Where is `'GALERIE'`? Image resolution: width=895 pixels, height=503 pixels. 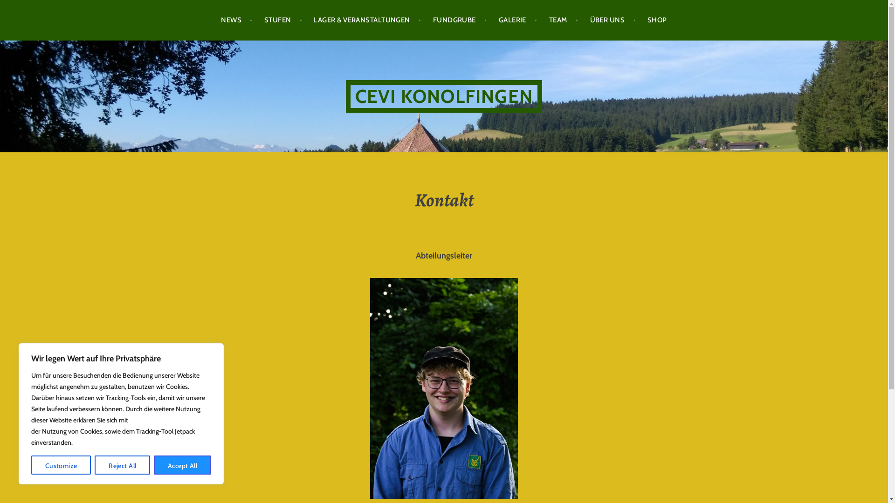 'GALERIE' is located at coordinates (517, 20).